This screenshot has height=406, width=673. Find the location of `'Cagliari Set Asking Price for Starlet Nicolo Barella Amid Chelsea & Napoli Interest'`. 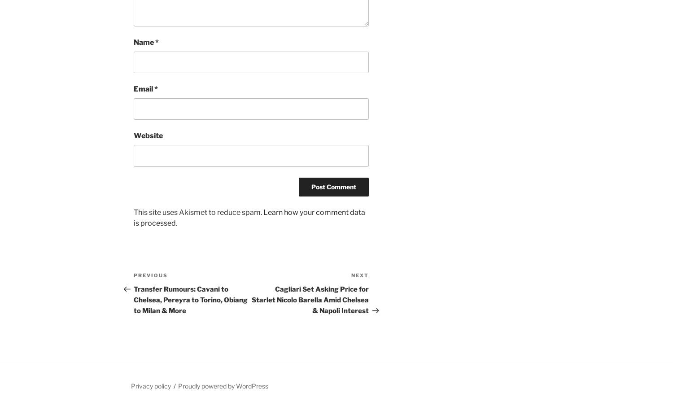

'Cagliari Set Asking Price for Starlet Nicolo Barella Amid Chelsea & Napoli Interest' is located at coordinates (310, 300).